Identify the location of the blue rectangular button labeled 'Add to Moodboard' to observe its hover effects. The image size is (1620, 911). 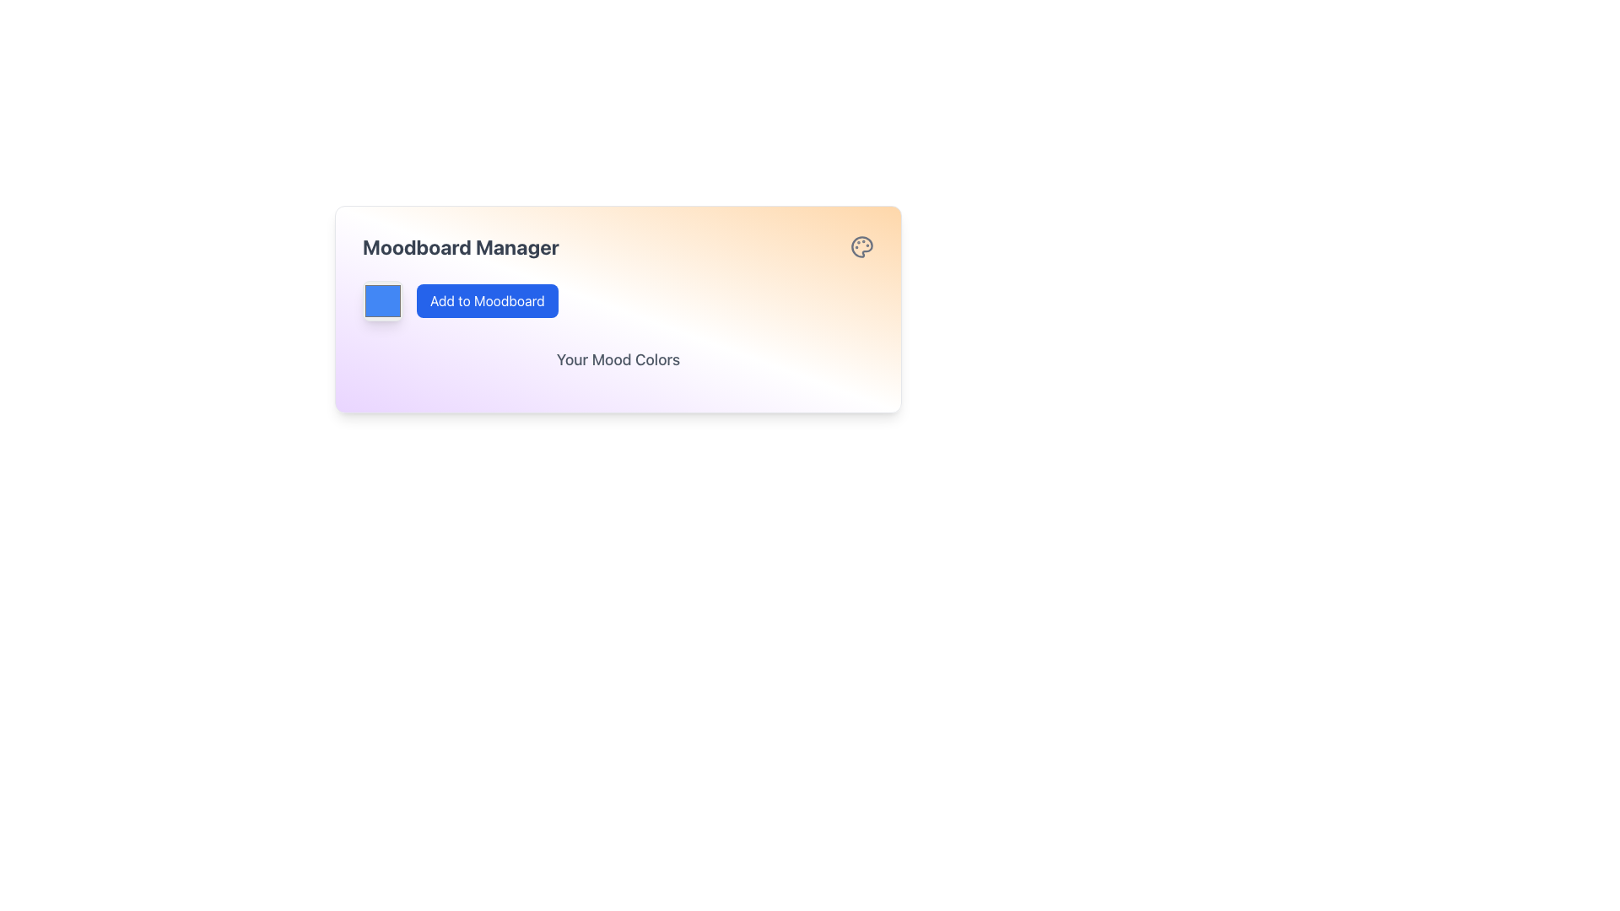
(486, 300).